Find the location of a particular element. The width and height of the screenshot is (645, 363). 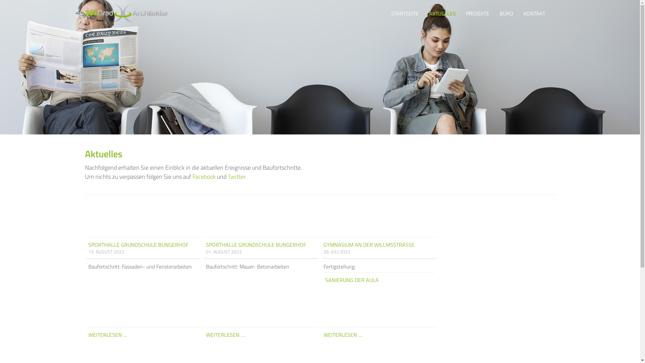

'Twitter' is located at coordinates (236, 176).